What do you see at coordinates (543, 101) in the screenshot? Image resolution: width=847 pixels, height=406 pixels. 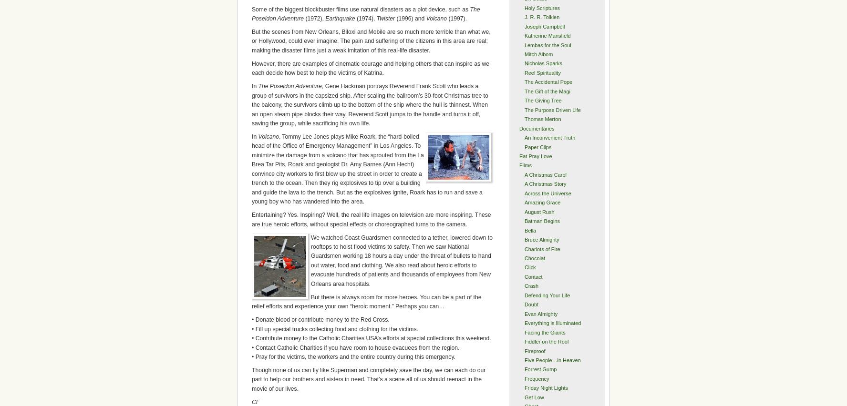 I see `'The Giving Tree'` at bounding box center [543, 101].